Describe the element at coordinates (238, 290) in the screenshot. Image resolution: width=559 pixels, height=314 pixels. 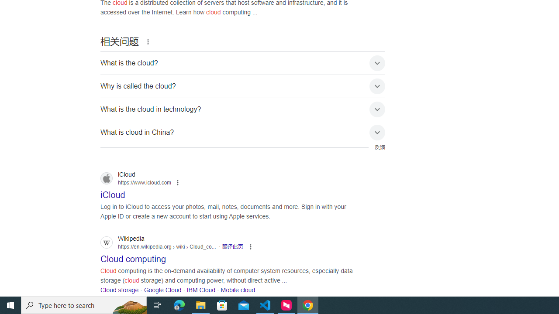
I see `'Mobile cloud'` at that location.